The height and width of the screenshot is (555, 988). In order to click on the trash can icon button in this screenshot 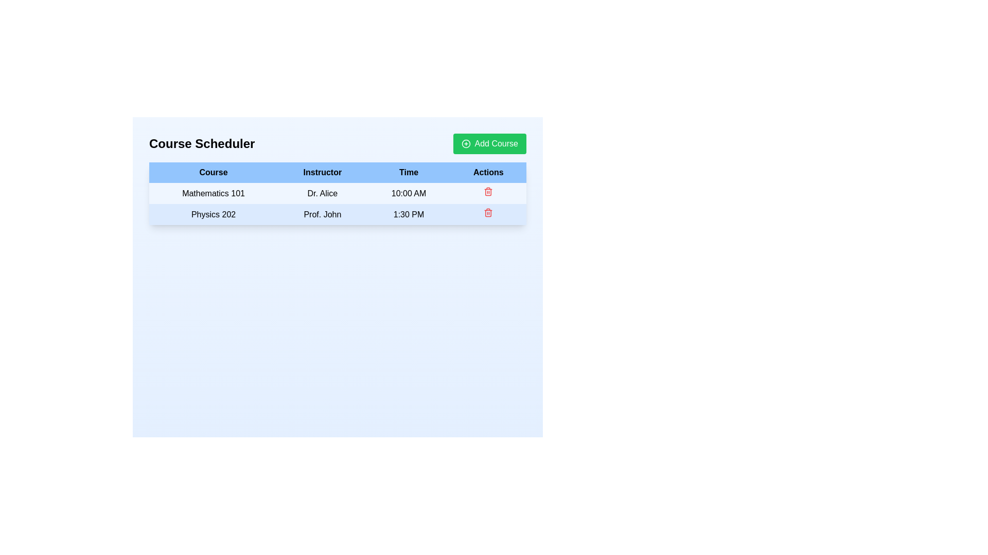, I will do `click(488, 214)`.